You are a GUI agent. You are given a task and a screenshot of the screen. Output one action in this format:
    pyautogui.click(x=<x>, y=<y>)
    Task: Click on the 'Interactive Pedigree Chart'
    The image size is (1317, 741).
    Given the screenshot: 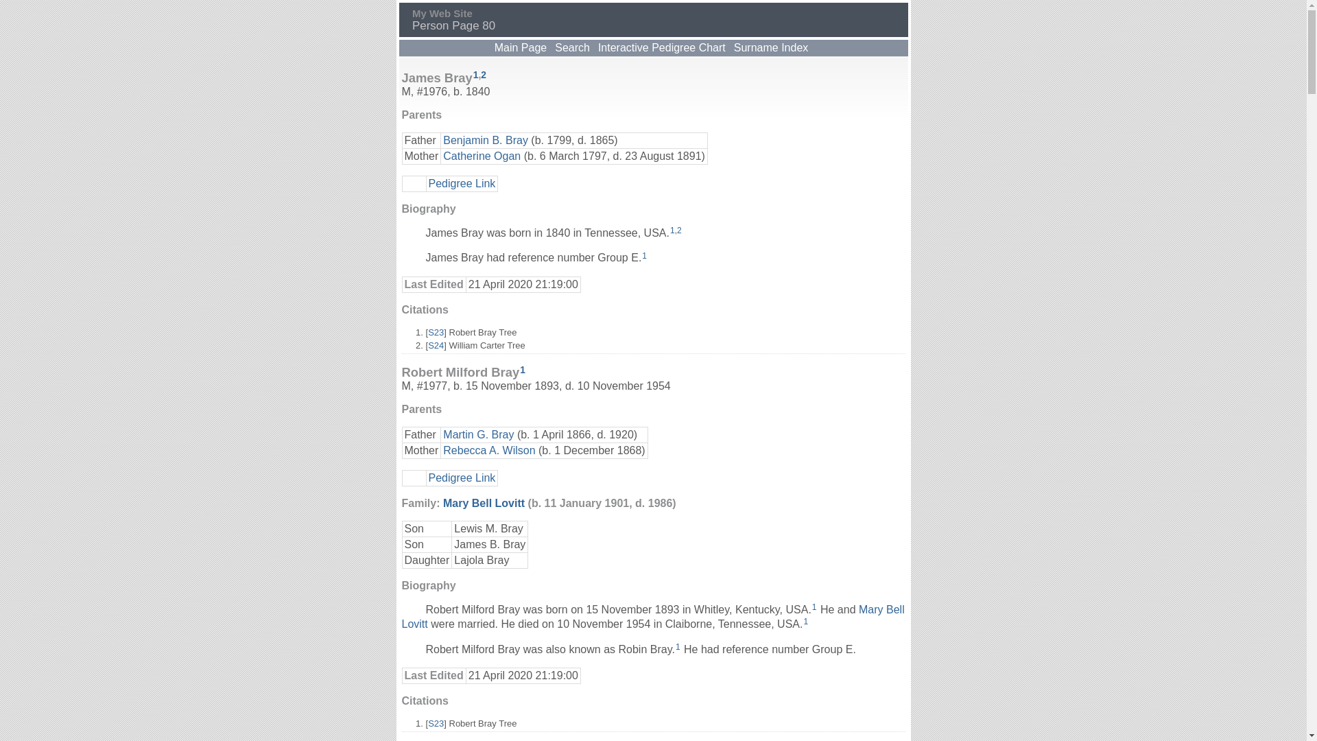 What is the action you would take?
    pyautogui.click(x=595, y=47)
    